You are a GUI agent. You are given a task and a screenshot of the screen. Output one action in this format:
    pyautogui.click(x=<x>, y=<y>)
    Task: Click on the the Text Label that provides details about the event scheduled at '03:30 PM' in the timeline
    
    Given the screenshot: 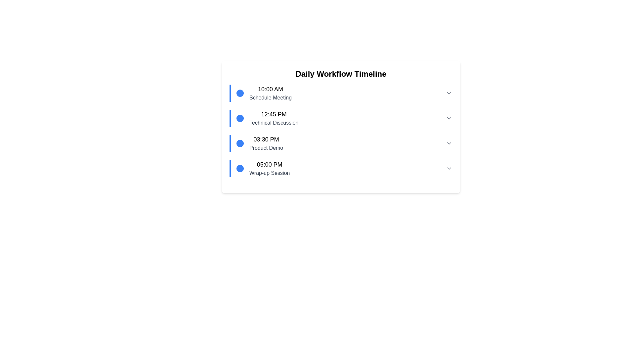 What is the action you would take?
    pyautogui.click(x=266, y=147)
    